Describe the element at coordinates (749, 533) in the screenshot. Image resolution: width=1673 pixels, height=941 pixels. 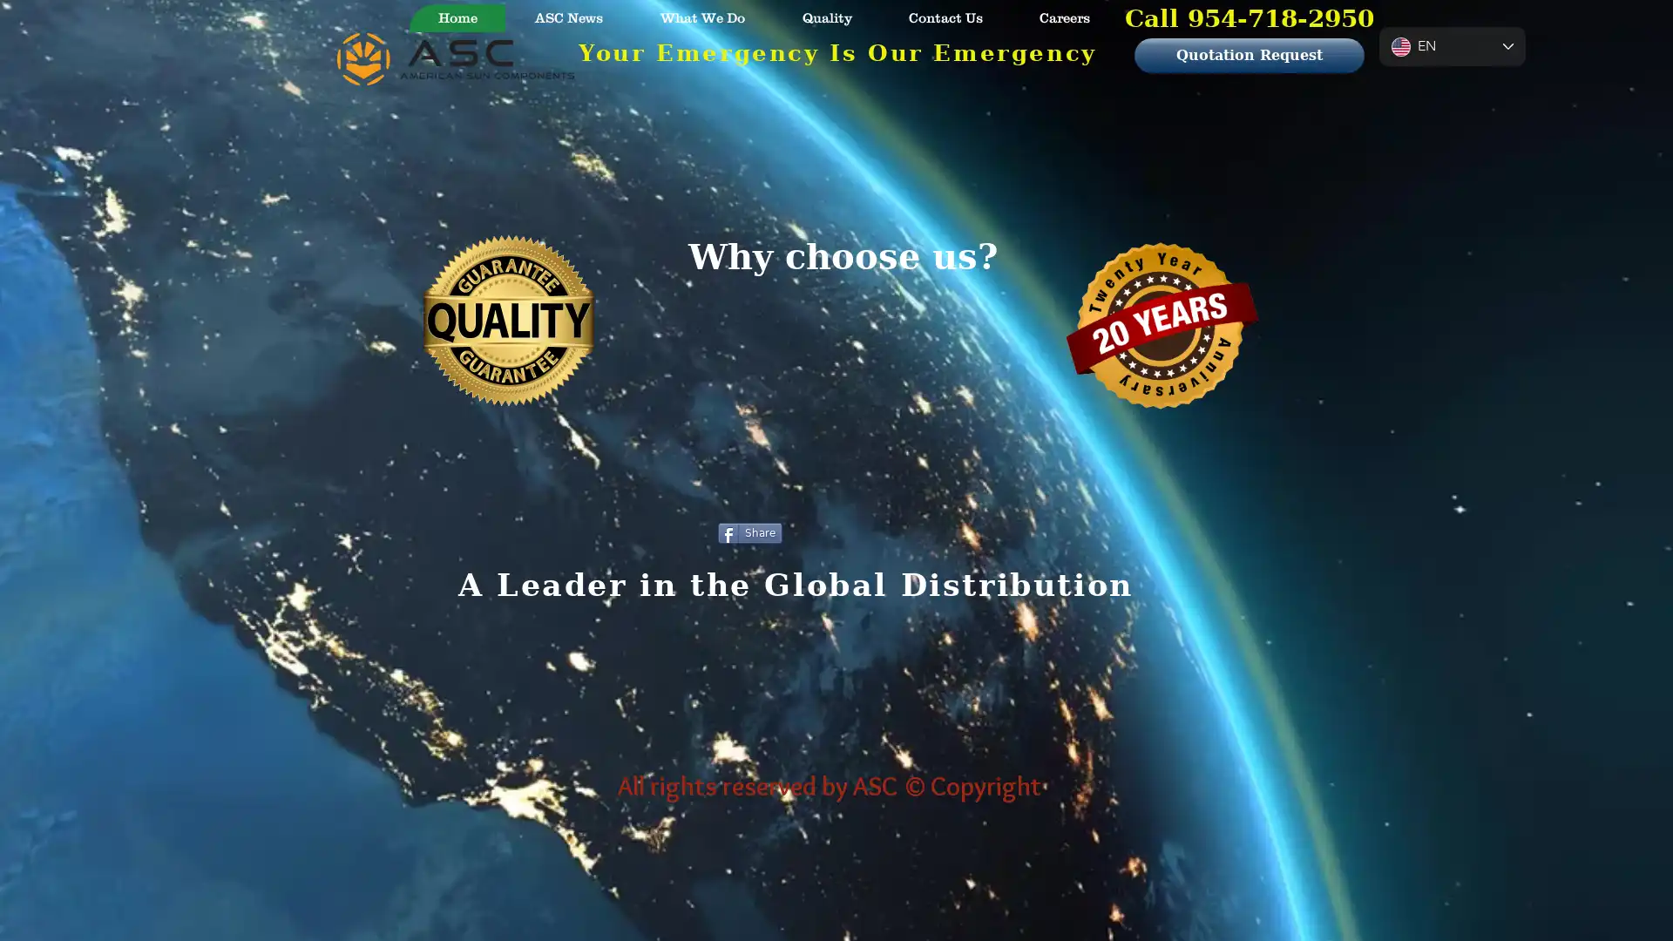
I see `Share` at that location.